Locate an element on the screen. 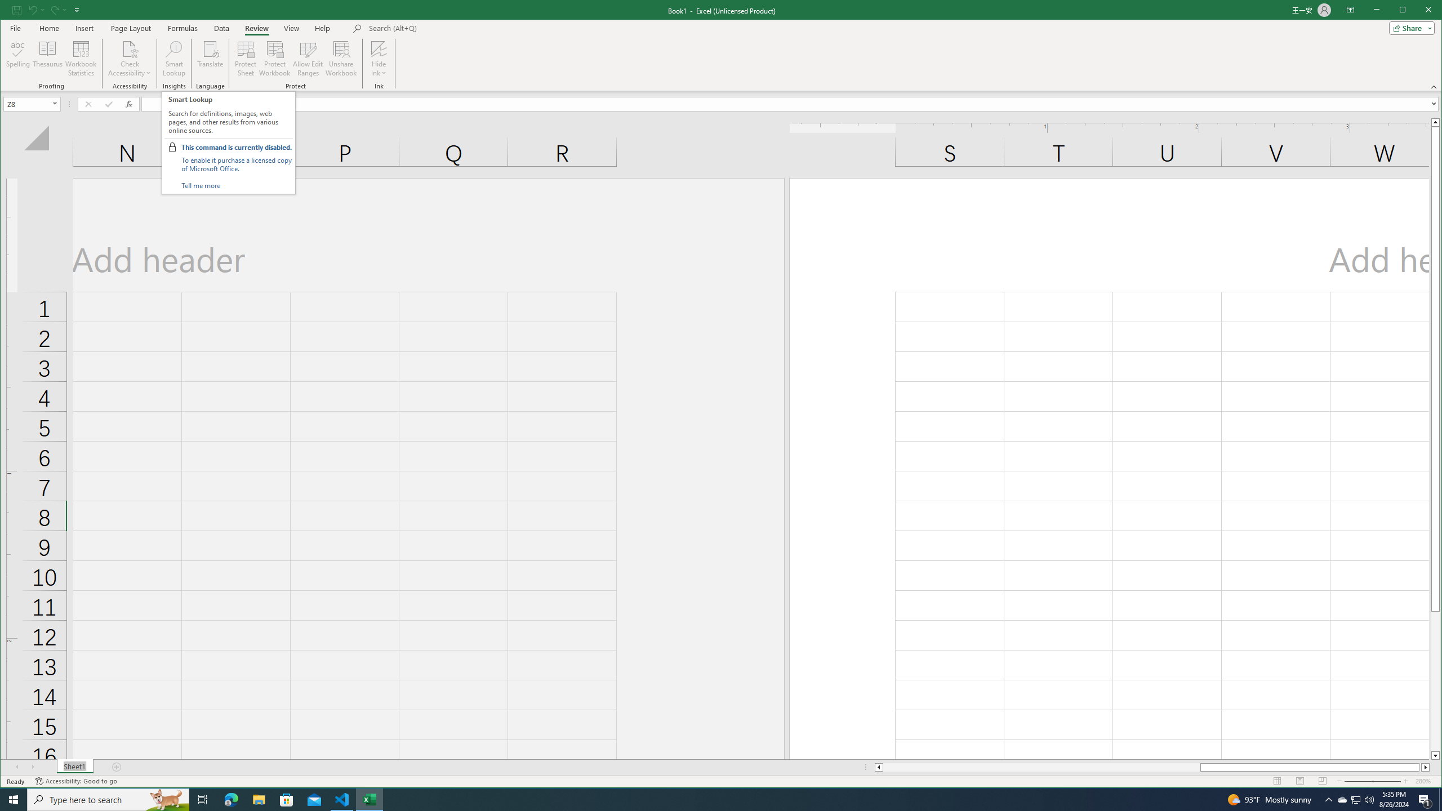 The image size is (1442, 811). 'Translate' is located at coordinates (210, 58).